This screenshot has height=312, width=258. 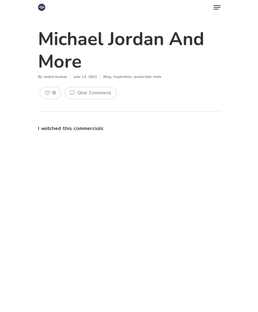 What do you see at coordinates (219, 283) in the screenshot?
I see `'Antreprenorul'` at bounding box center [219, 283].